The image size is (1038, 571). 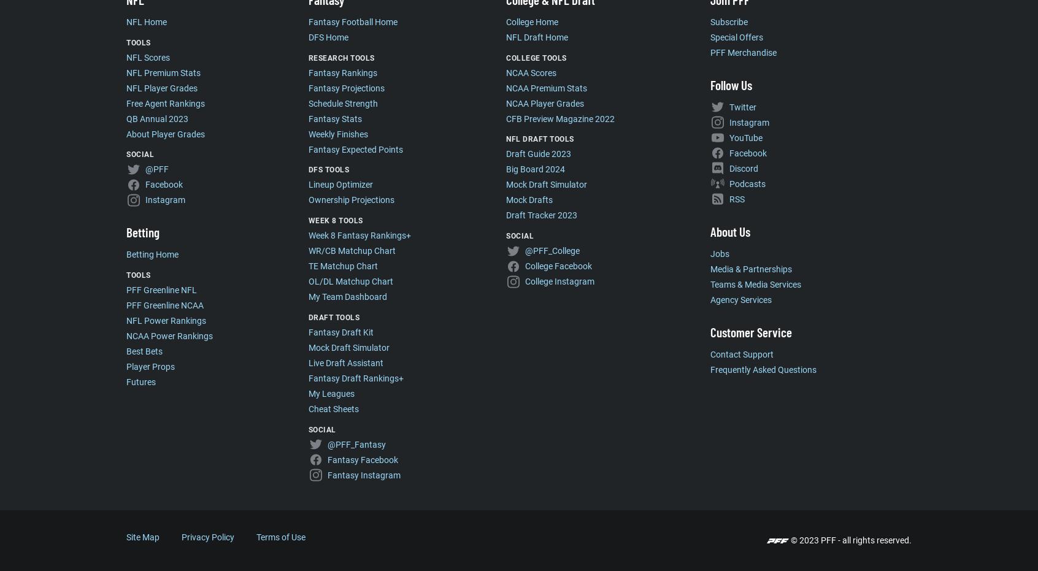 What do you see at coordinates (147, 21) in the screenshot?
I see `'NFL Home'` at bounding box center [147, 21].